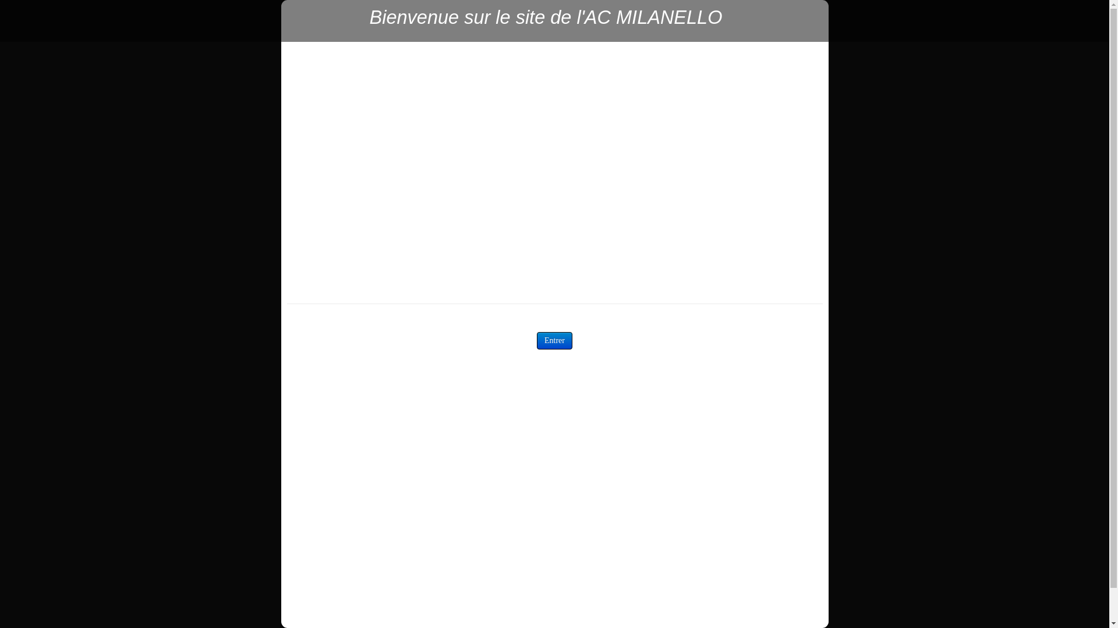 This screenshot has height=628, width=1118. I want to click on 'Entrer', so click(554, 340).